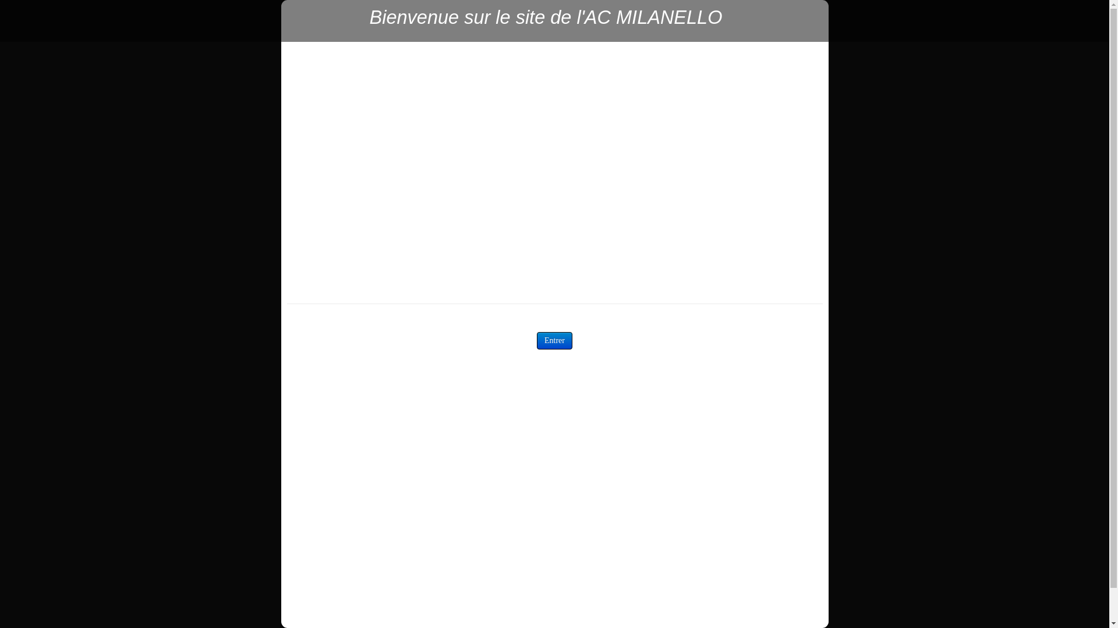 This screenshot has height=628, width=1118. I want to click on 'Entrer', so click(554, 340).